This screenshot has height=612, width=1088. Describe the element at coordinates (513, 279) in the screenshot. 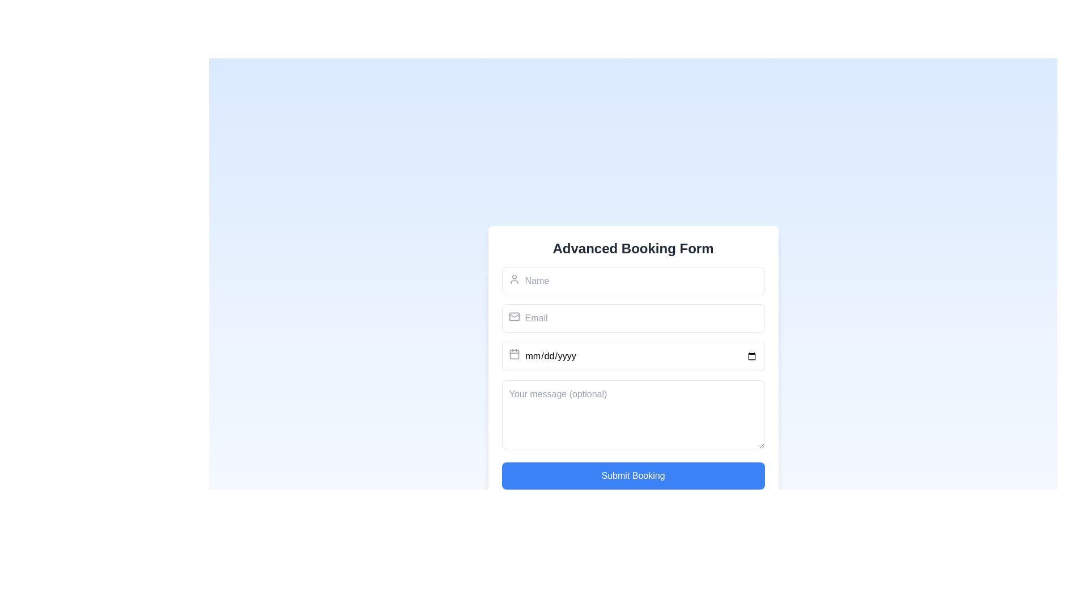

I see `the SVG Icon that visually indicates the purpose of the input field for the user's name, located in the 'Advanced Booking Form' panel adjacent to the 'Name' input field` at that location.